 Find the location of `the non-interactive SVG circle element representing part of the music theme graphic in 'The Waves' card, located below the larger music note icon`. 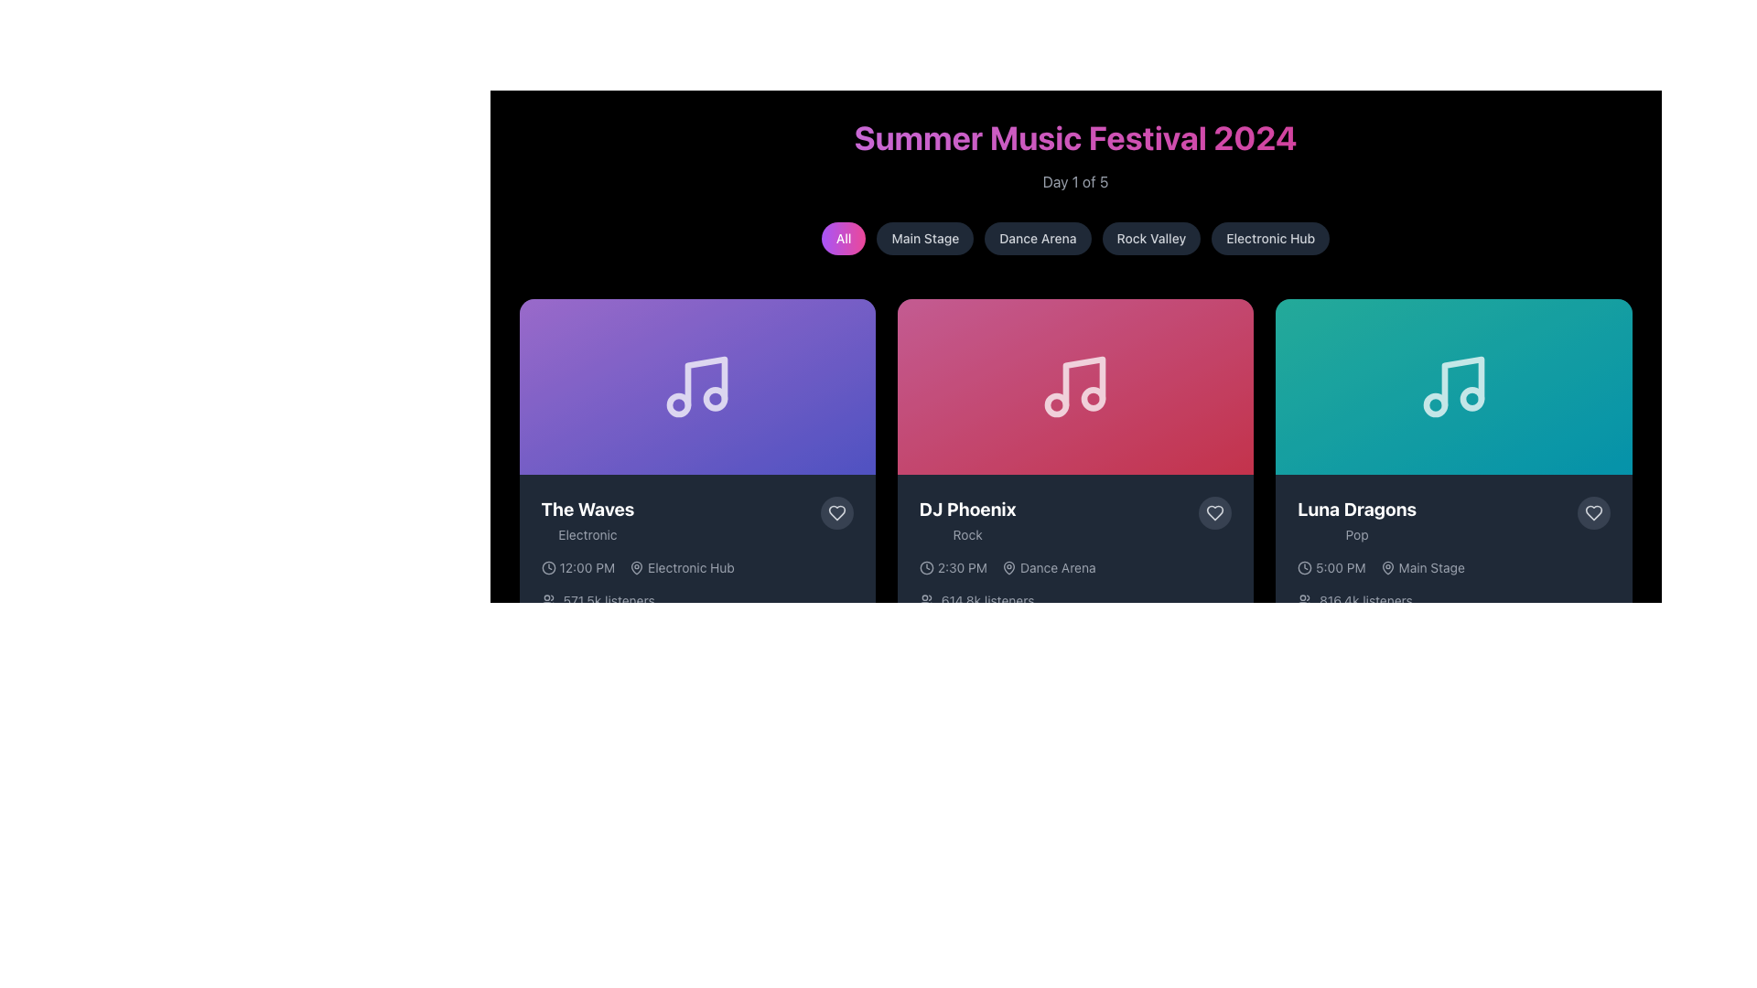

the non-interactive SVG circle element representing part of the music theme graphic in 'The Waves' card, located below the larger music note icon is located at coordinates (678, 404).